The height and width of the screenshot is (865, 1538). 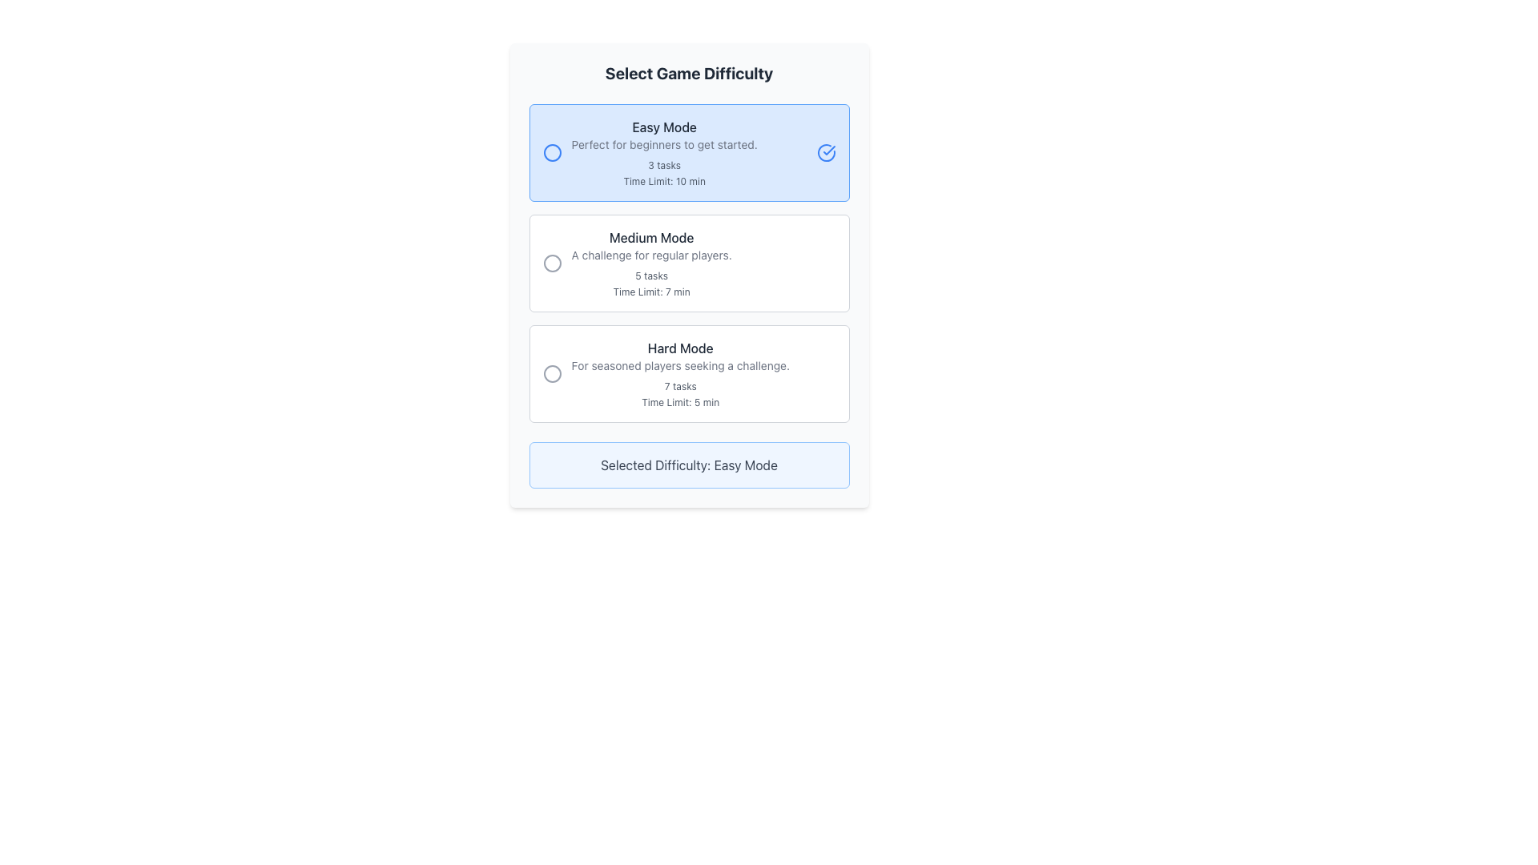 I want to click on the text label displaying the time limit for Easy Mode difficulty level, located directly below the '3 tasks' line in the Easy Mode option box, so click(x=664, y=181).